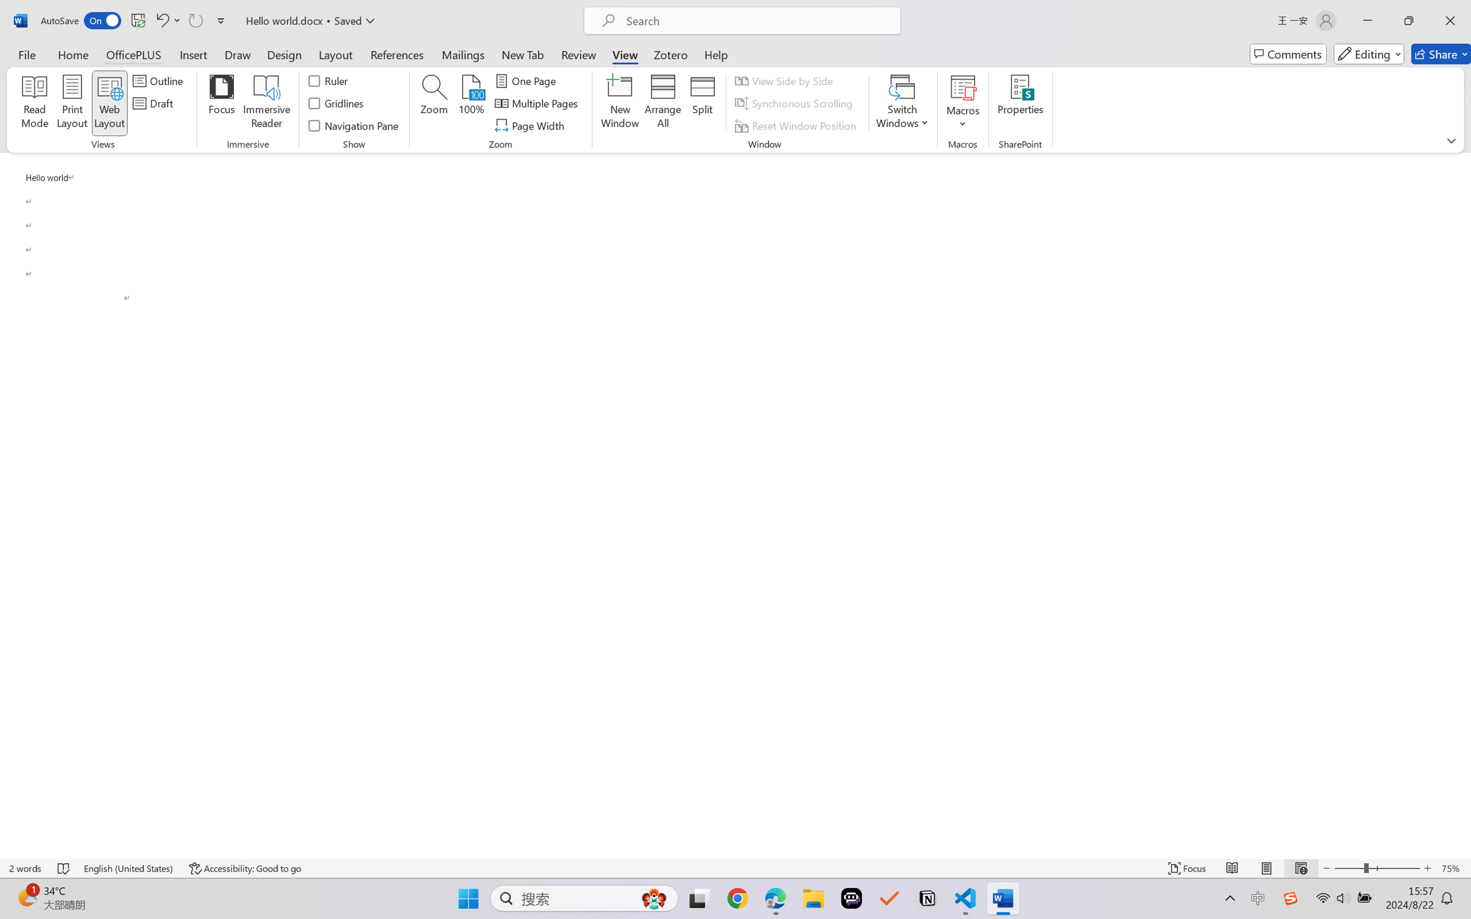 This screenshot has height=919, width=1471. Describe the element at coordinates (221, 20) in the screenshot. I see `'Customize Quick Access Toolbar'` at that location.